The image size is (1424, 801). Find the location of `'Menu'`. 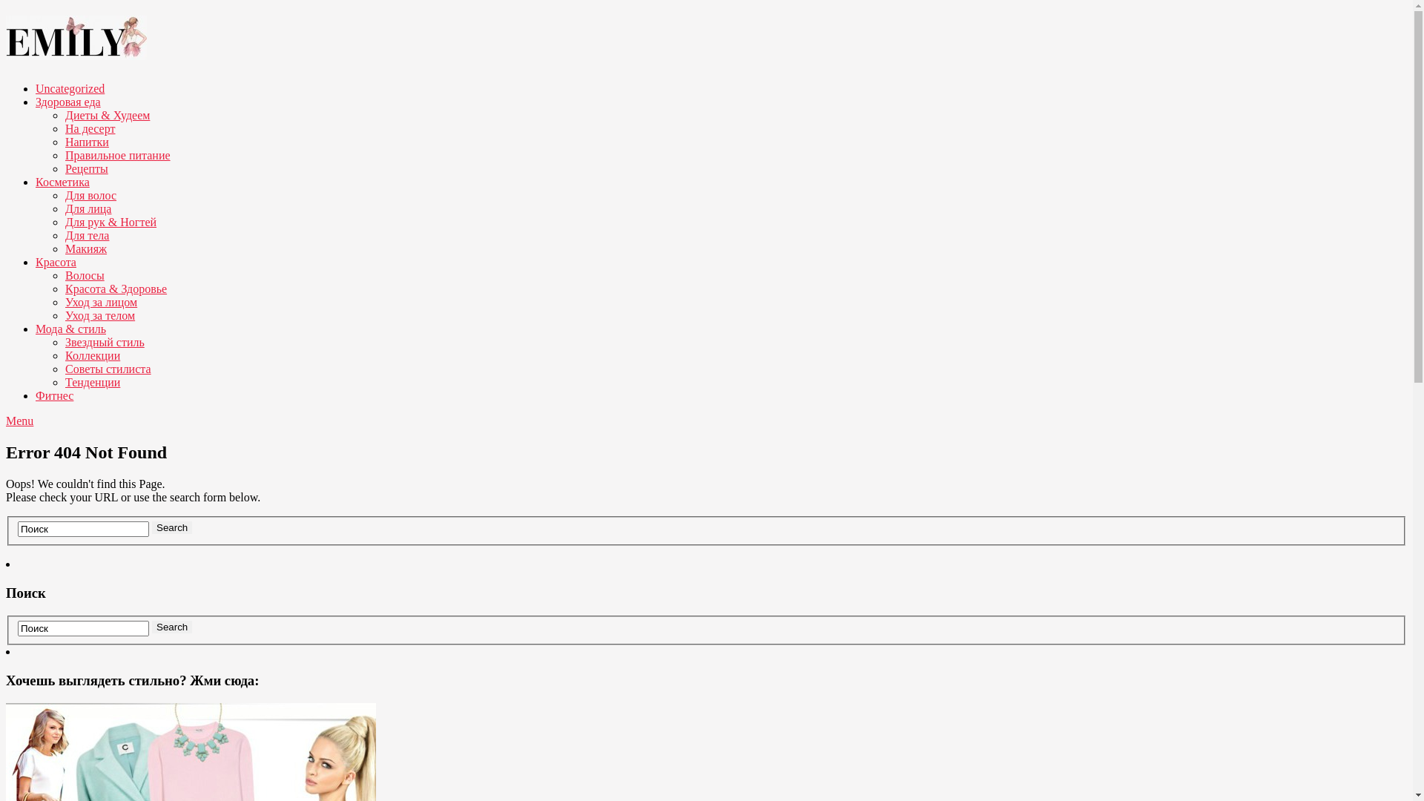

'Menu' is located at coordinates (19, 421).